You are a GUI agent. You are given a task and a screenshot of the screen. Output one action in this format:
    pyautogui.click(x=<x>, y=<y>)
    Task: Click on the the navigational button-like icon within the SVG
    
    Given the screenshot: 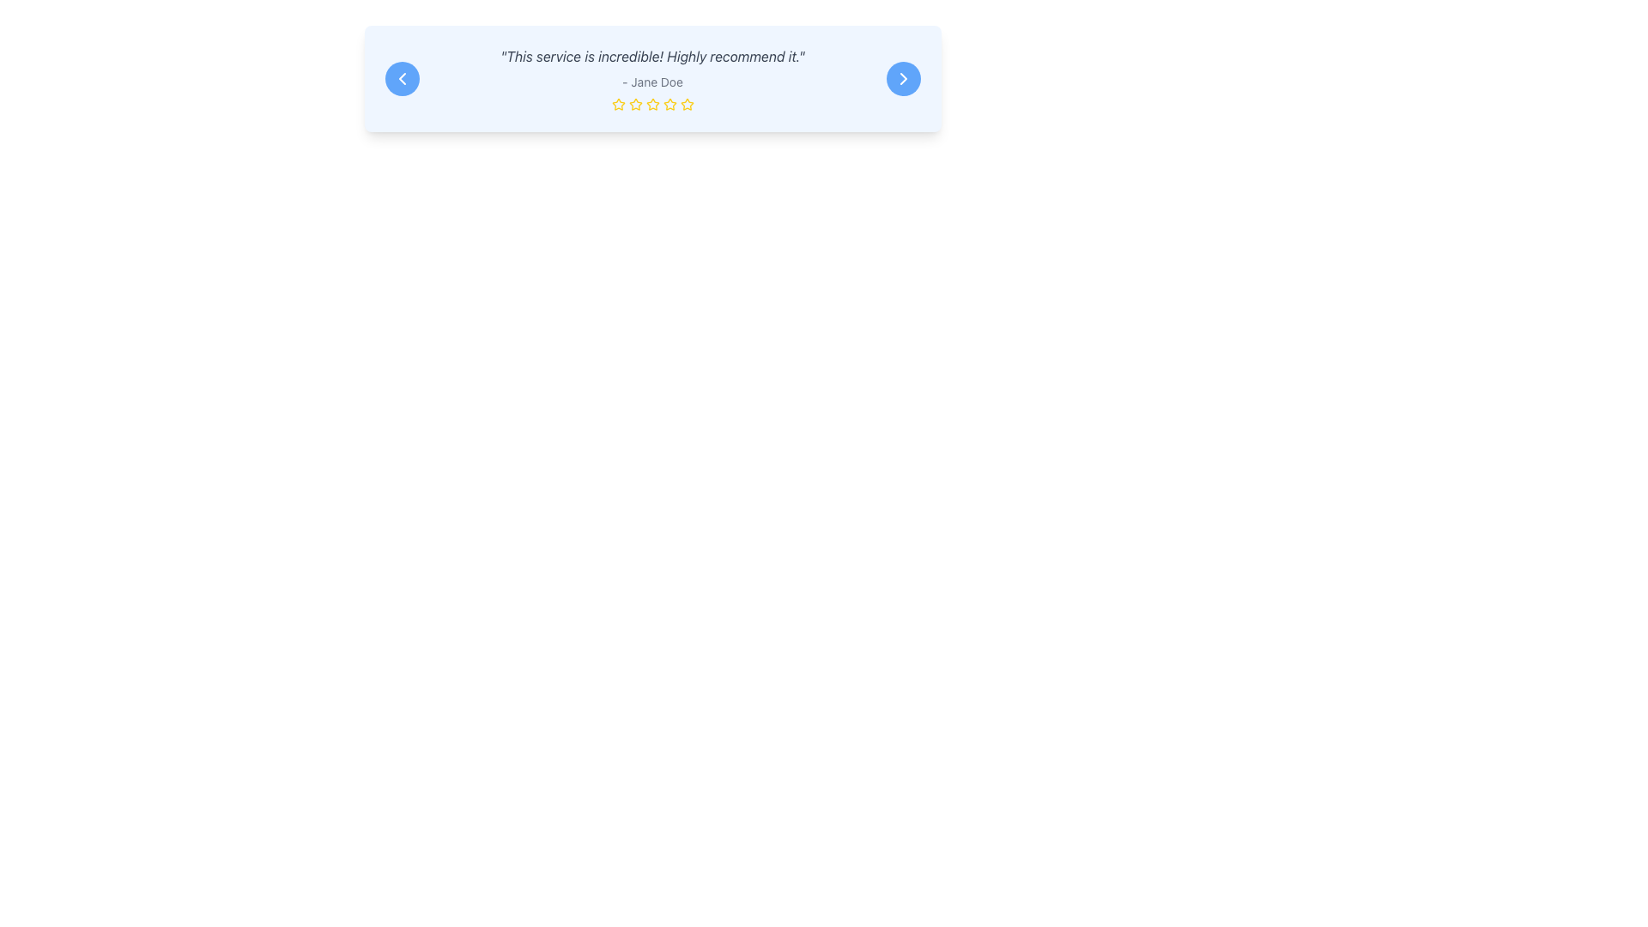 What is the action you would take?
    pyautogui.click(x=401, y=79)
    